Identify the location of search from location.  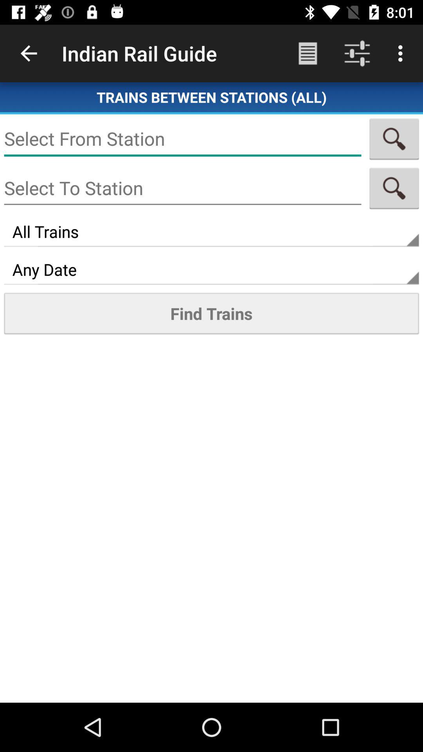
(394, 139).